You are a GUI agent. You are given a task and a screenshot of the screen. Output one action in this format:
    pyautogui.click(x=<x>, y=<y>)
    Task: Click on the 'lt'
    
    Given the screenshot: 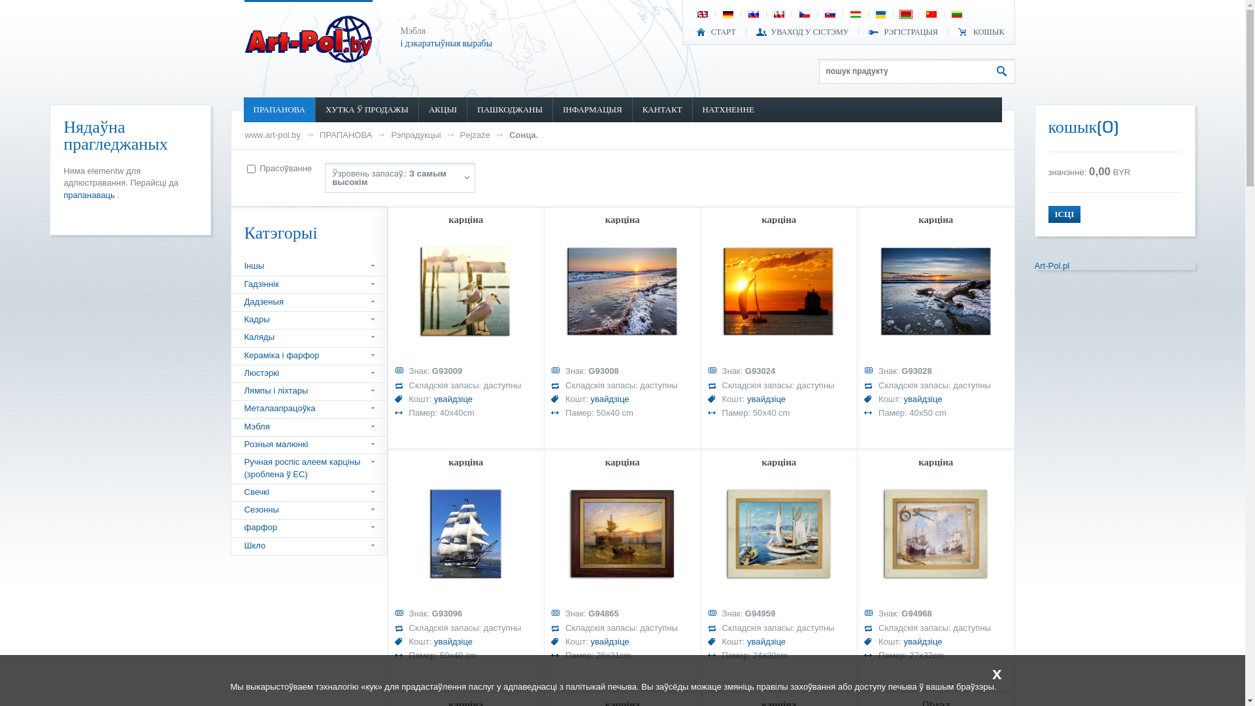 What is the action you would take?
    pyautogui.click(x=957, y=14)
    